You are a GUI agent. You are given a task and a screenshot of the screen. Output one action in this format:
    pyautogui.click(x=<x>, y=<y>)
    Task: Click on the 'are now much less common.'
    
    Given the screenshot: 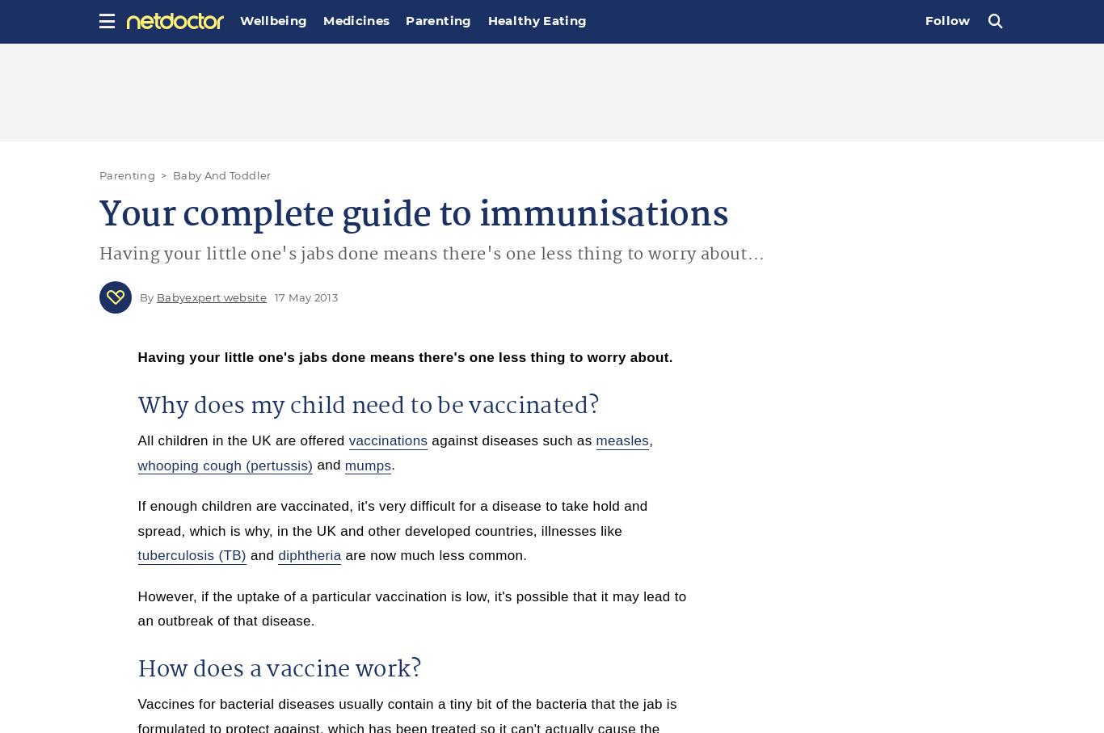 What is the action you would take?
    pyautogui.click(x=433, y=554)
    